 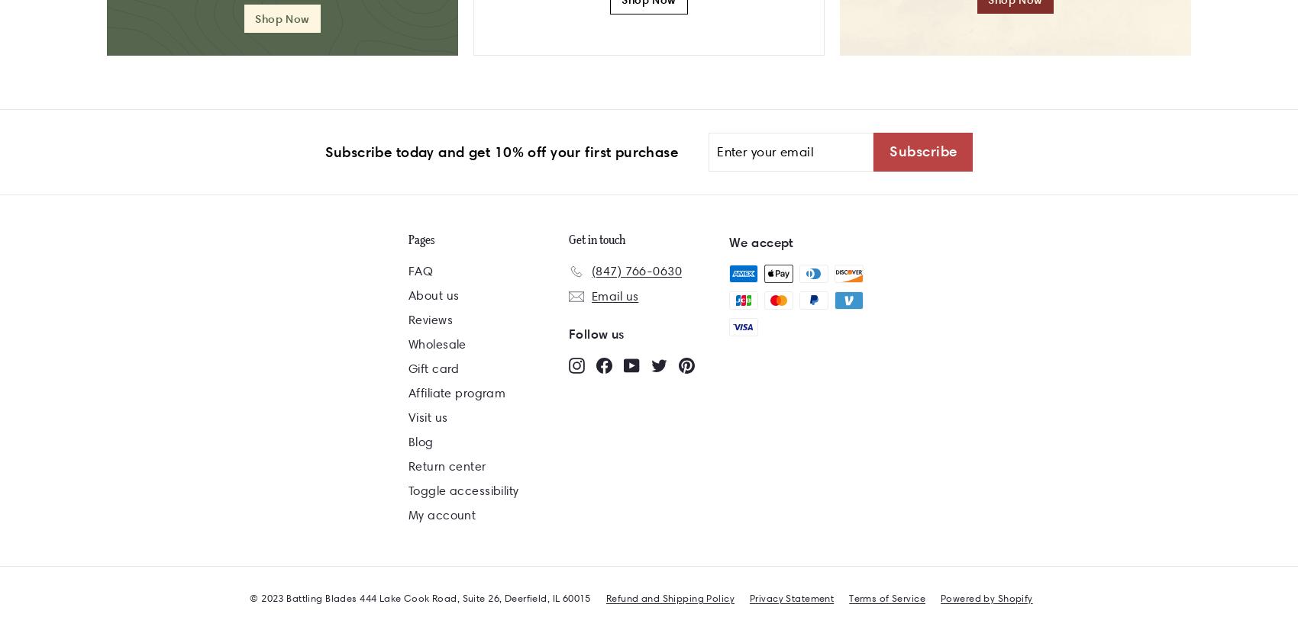 I want to click on '© 2023 Battling Blades
444 Lake Cook Road, Suite 26, Deerfield, IL 60015', so click(x=418, y=596).